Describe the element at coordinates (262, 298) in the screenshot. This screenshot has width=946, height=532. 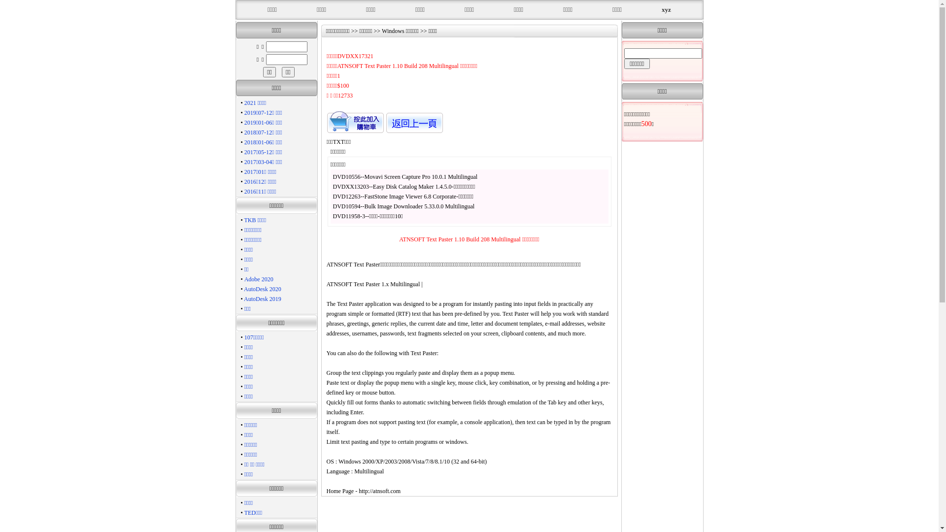
I see `'AutoDesk 2019'` at that location.